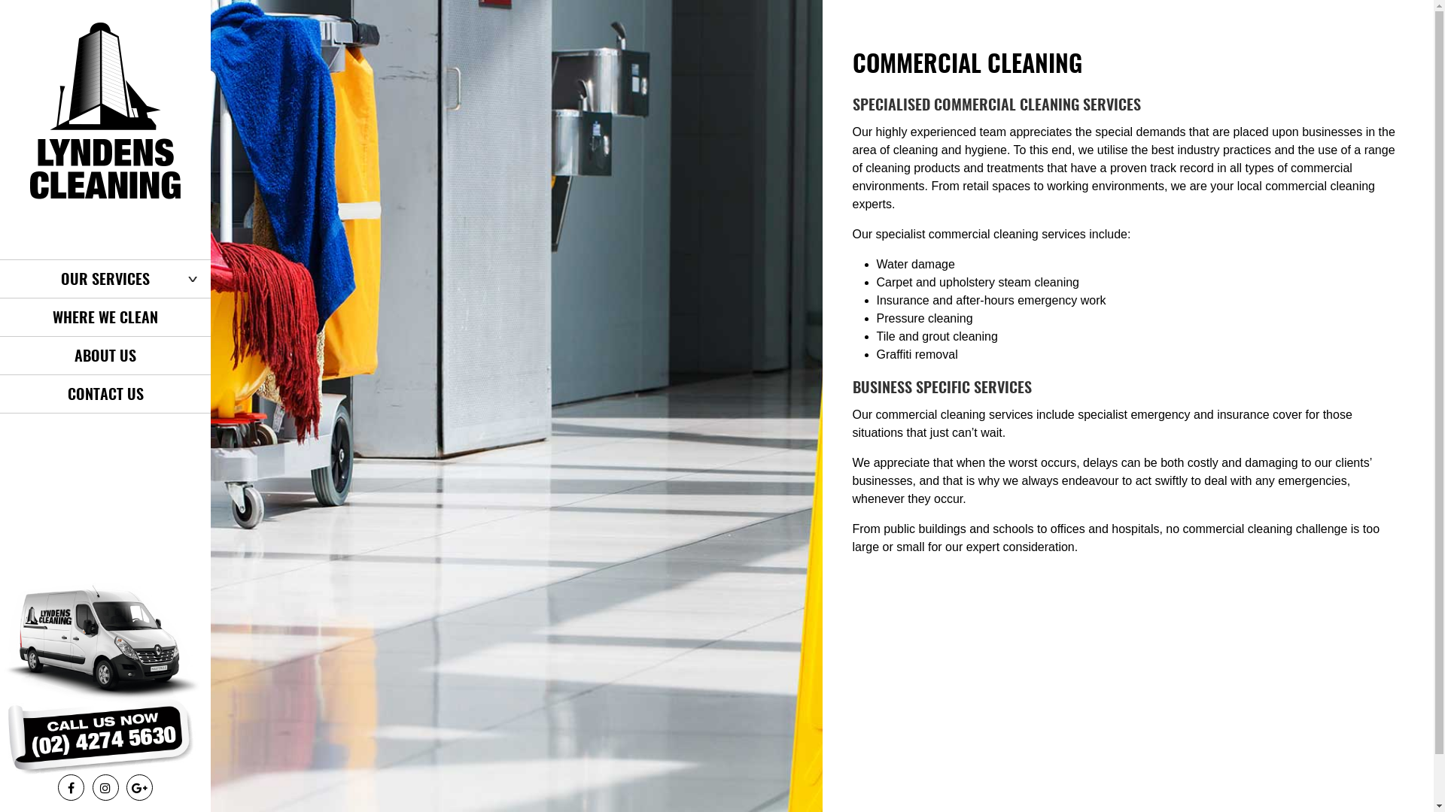  I want to click on 'ABOUT US', so click(104, 356).